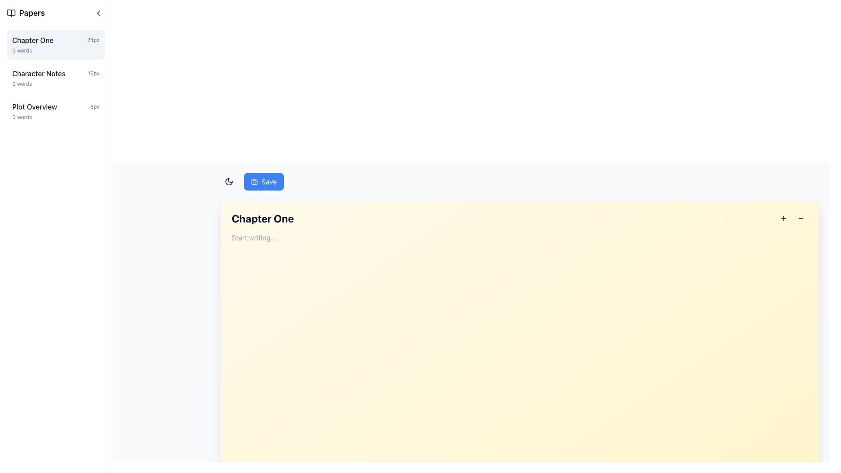 Image resolution: width=841 pixels, height=473 pixels. Describe the element at coordinates (801, 218) in the screenshot. I see `the button with an embedded 'minus' icon located at the top-right corner of the 'Chapter One' panel to observe the hover effect` at that location.